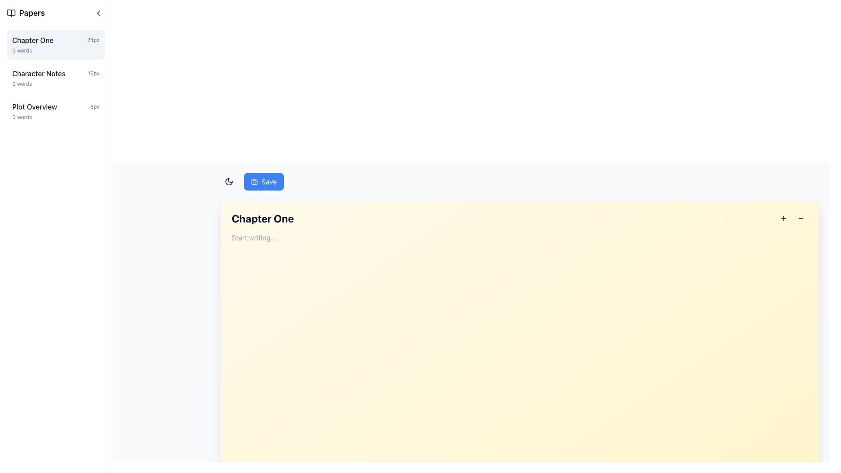 Image resolution: width=841 pixels, height=473 pixels. Describe the element at coordinates (801, 218) in the screenshot. I see `the button with an embedded 'minus' icon located at the top-right corner of the 'Chapter One' panel to observe the hover effect` at that location.